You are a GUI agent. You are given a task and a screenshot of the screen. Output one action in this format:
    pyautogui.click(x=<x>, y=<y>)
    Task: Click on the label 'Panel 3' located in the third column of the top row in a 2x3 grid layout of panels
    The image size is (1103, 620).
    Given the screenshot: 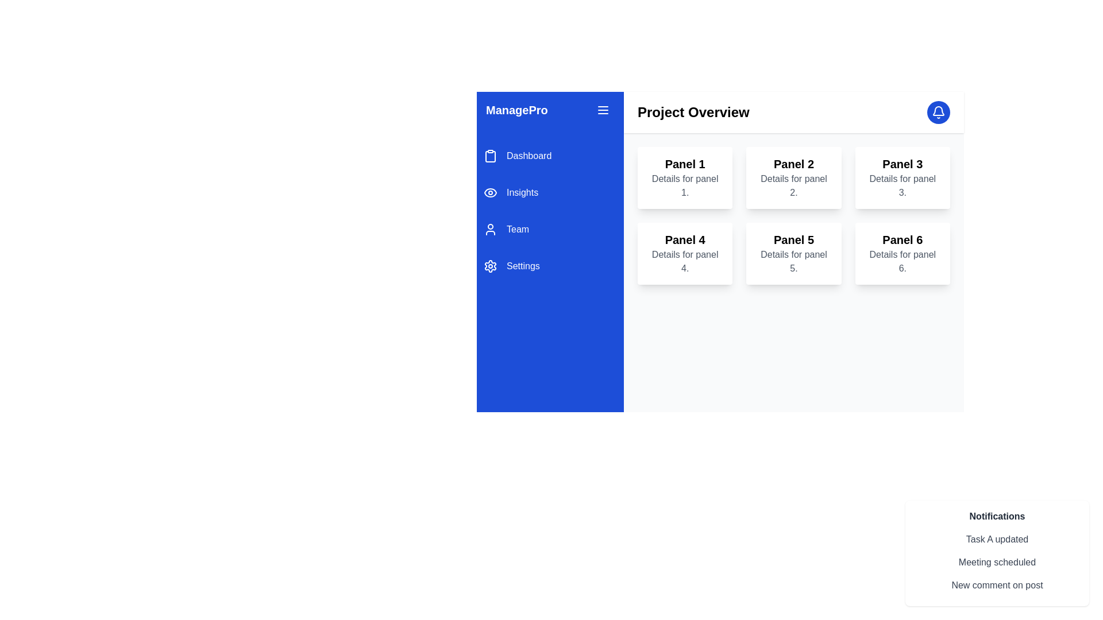 What is the action you would take?
    pyautogui.click(x=902, y=164)
    